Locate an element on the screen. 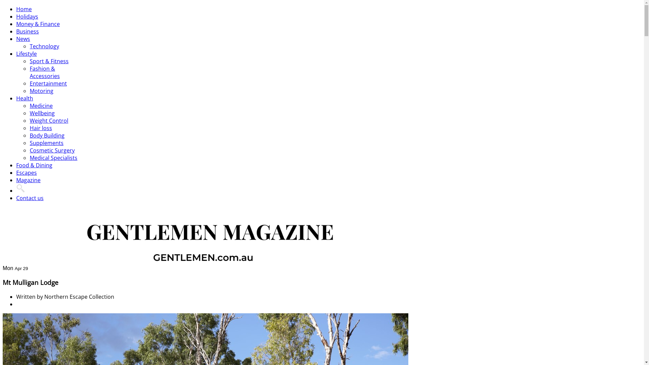 This screenshot has width=649, height=365. 'News' is located at coordinates (16, 39).